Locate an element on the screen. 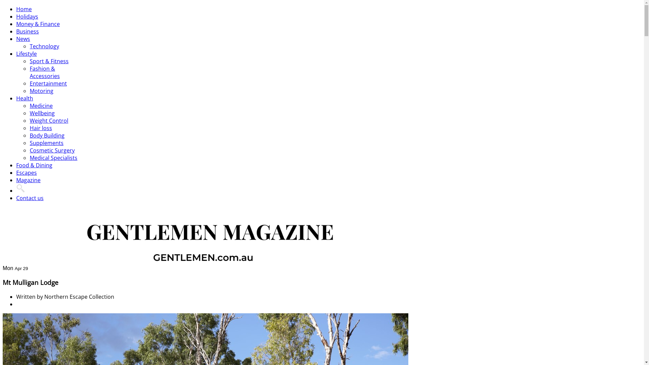 This screenshot has width=649, height=365. 'News' is located at coordinates (16, 39).